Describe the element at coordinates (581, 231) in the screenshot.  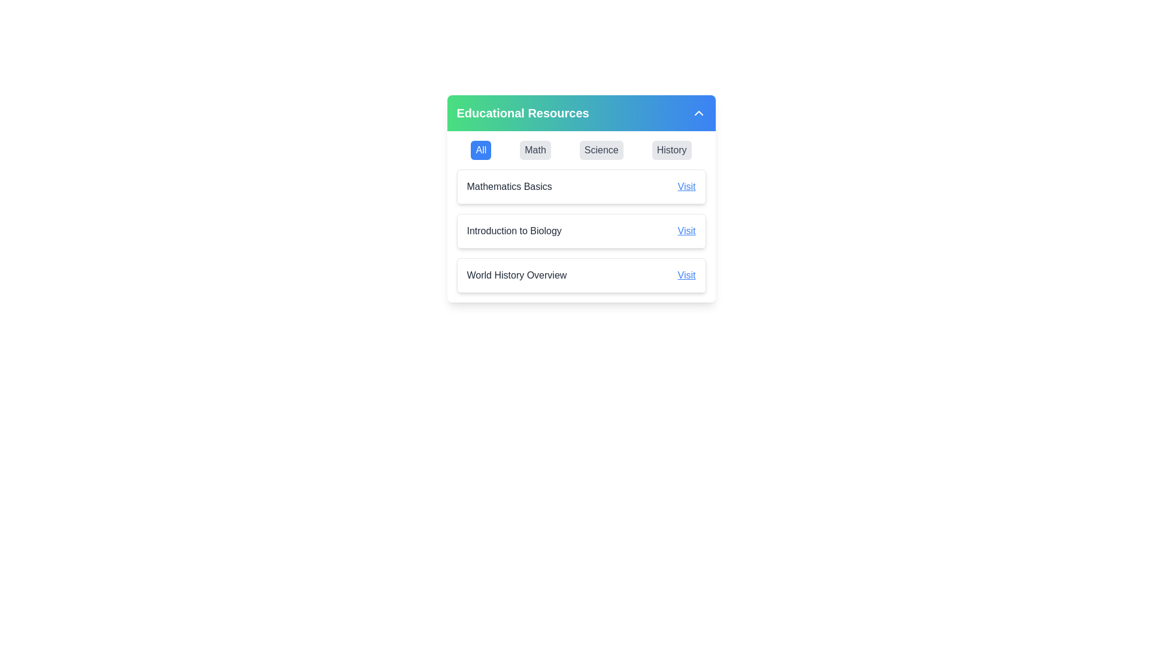
I see `the second card in the 'Educational Resources' section, which provides a description and a hyperlink titled 'Introduction to Biology.'` at that location.